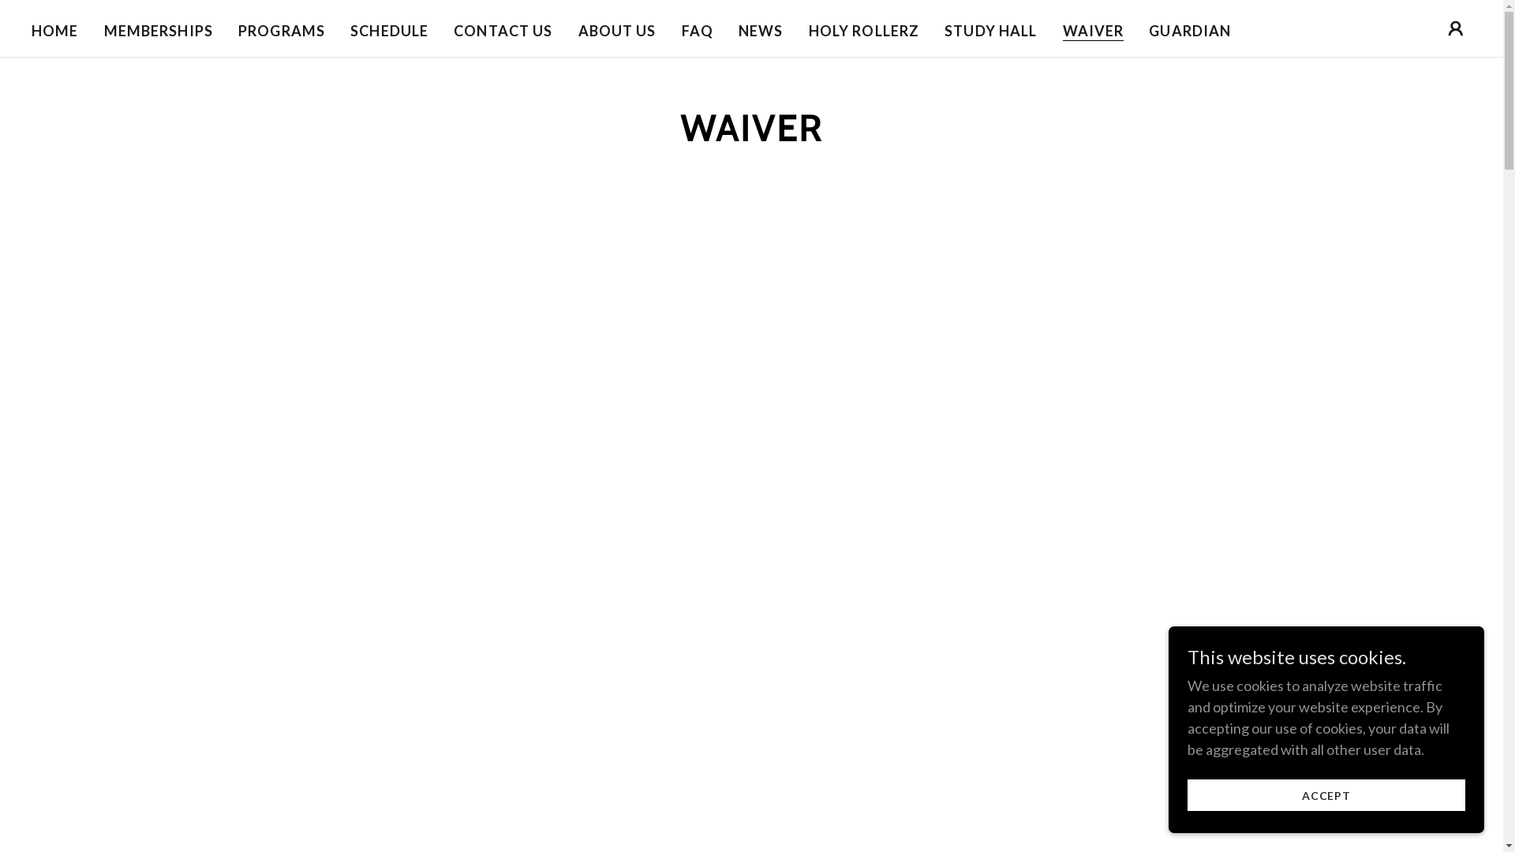  What do you see at coordinates (863, 30) in the screenshot?
I see `'HOLY ROLLERZ'` at bounding box center [863, 30].